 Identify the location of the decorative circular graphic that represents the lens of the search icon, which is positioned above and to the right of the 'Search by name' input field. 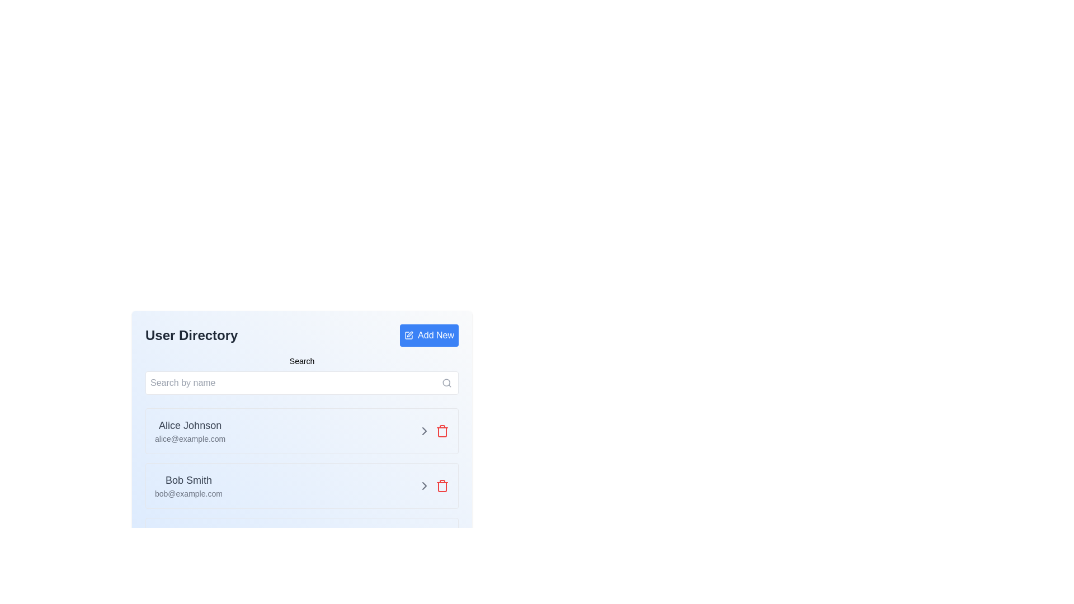
(446, 382).